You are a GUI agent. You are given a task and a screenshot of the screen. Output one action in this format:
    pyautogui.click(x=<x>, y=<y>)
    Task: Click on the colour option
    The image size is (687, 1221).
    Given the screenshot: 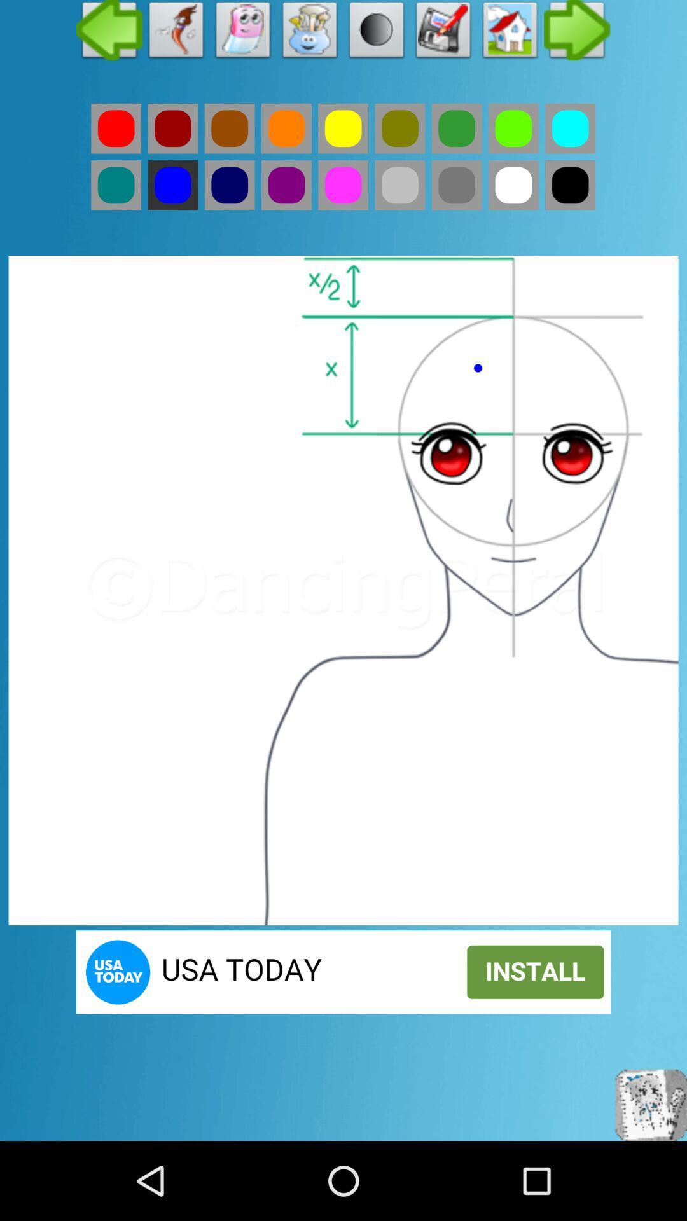 What is the action you would take?
    pyautogui.click(x=286, y=128)
    